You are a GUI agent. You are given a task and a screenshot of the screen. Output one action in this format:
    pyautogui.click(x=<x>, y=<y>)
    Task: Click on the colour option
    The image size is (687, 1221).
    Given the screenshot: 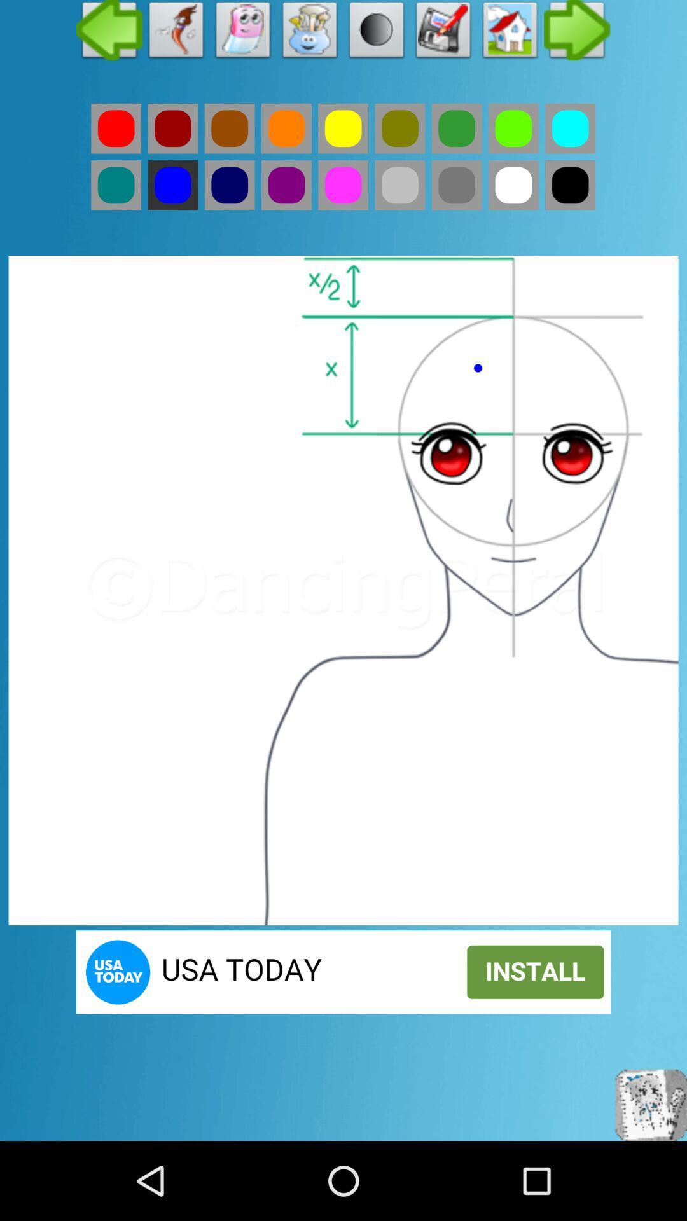 What is the action you would take?
    pyautogui.click(x=286, y=128)
    